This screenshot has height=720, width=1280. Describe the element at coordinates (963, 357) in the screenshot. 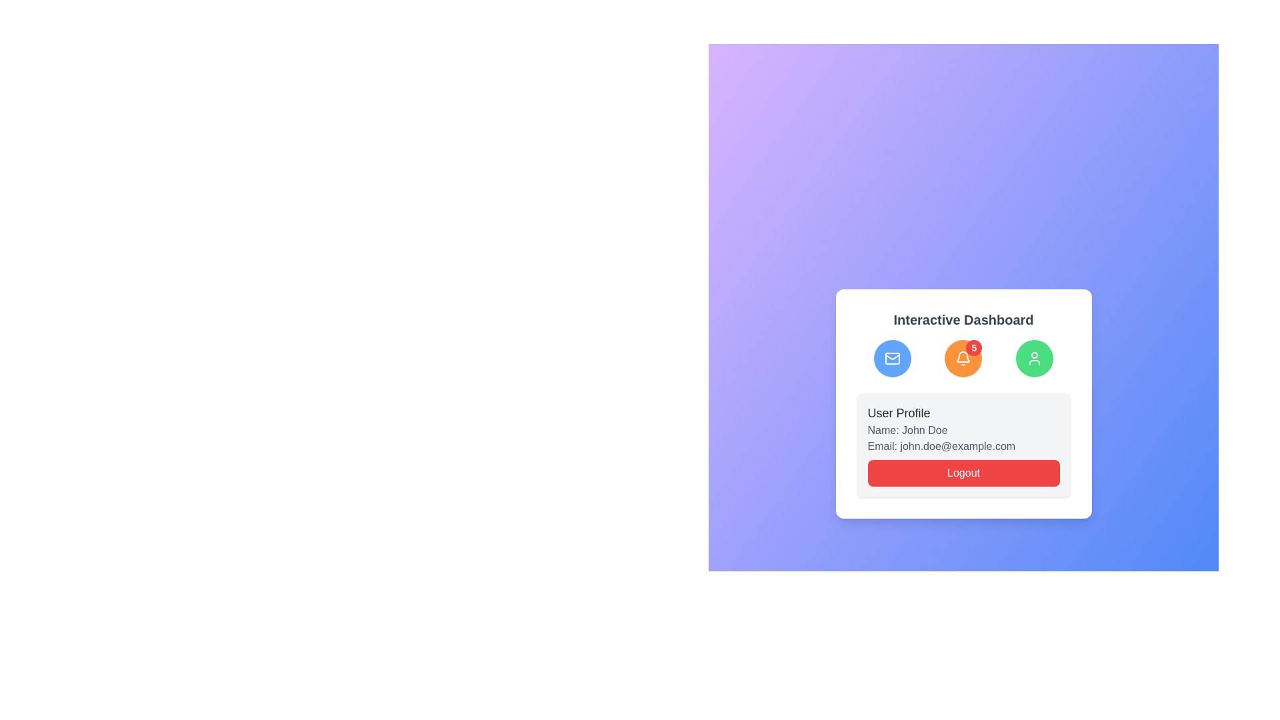

I see `the circular orange Notification button with a white bell icon and a red badge displaying '5'` at that location.